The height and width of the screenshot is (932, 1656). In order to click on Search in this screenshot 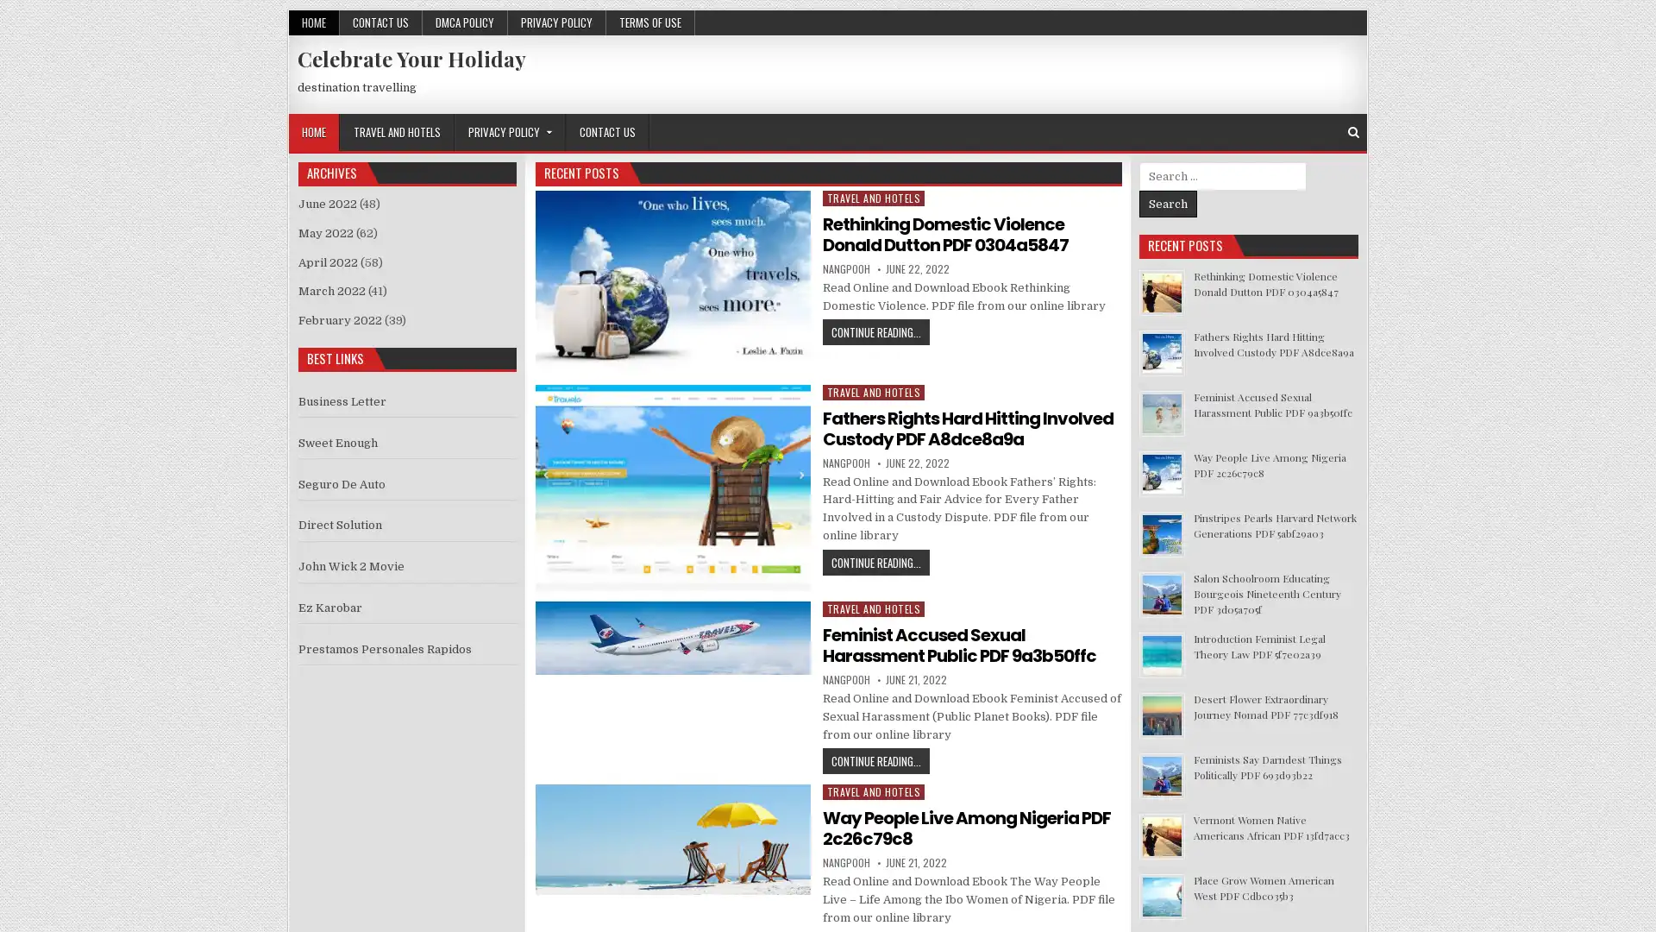, I will do `click(1168, 203)`.